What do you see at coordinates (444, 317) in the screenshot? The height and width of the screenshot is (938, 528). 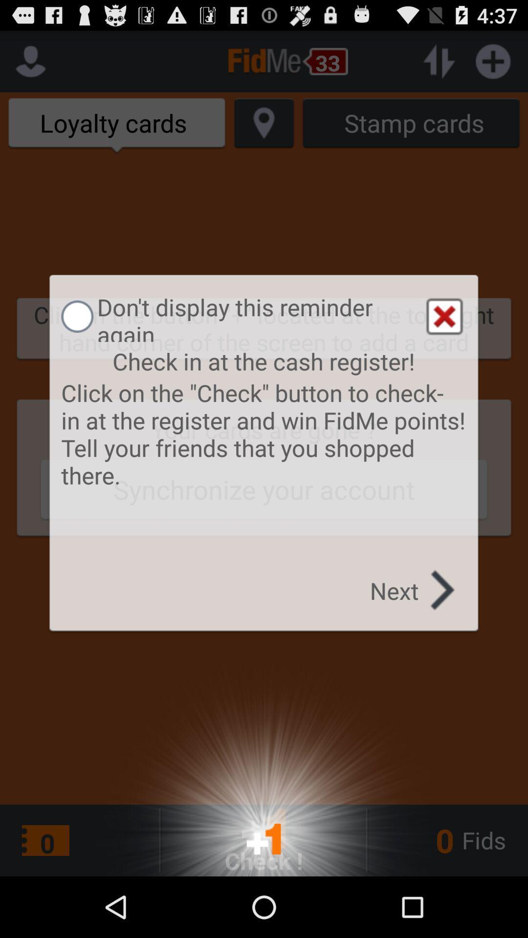 I see `the item above the check in at item` at bounding box center [444, 317].